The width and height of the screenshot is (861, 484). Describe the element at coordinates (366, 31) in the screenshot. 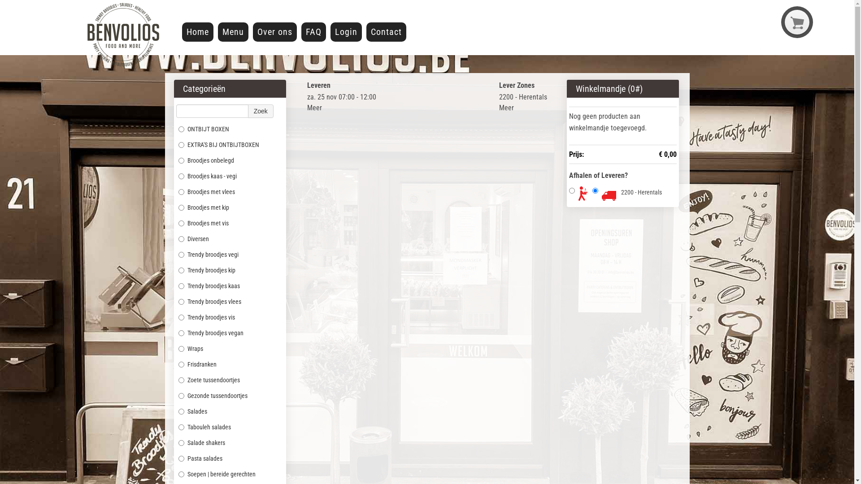

I see `'Contact'` at that location.